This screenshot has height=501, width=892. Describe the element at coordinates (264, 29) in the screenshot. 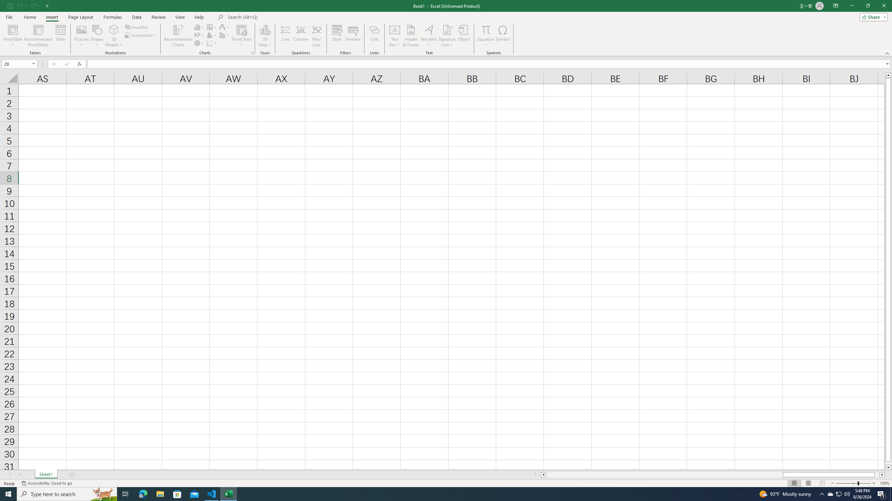

I see `'3D Map'` at that location.